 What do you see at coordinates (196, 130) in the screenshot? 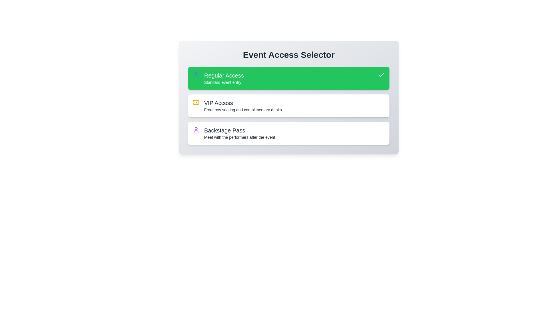
I see `the purple person icon located to the left of the 'Regular Access' label within the green background block` at bounding box center [196, 130].